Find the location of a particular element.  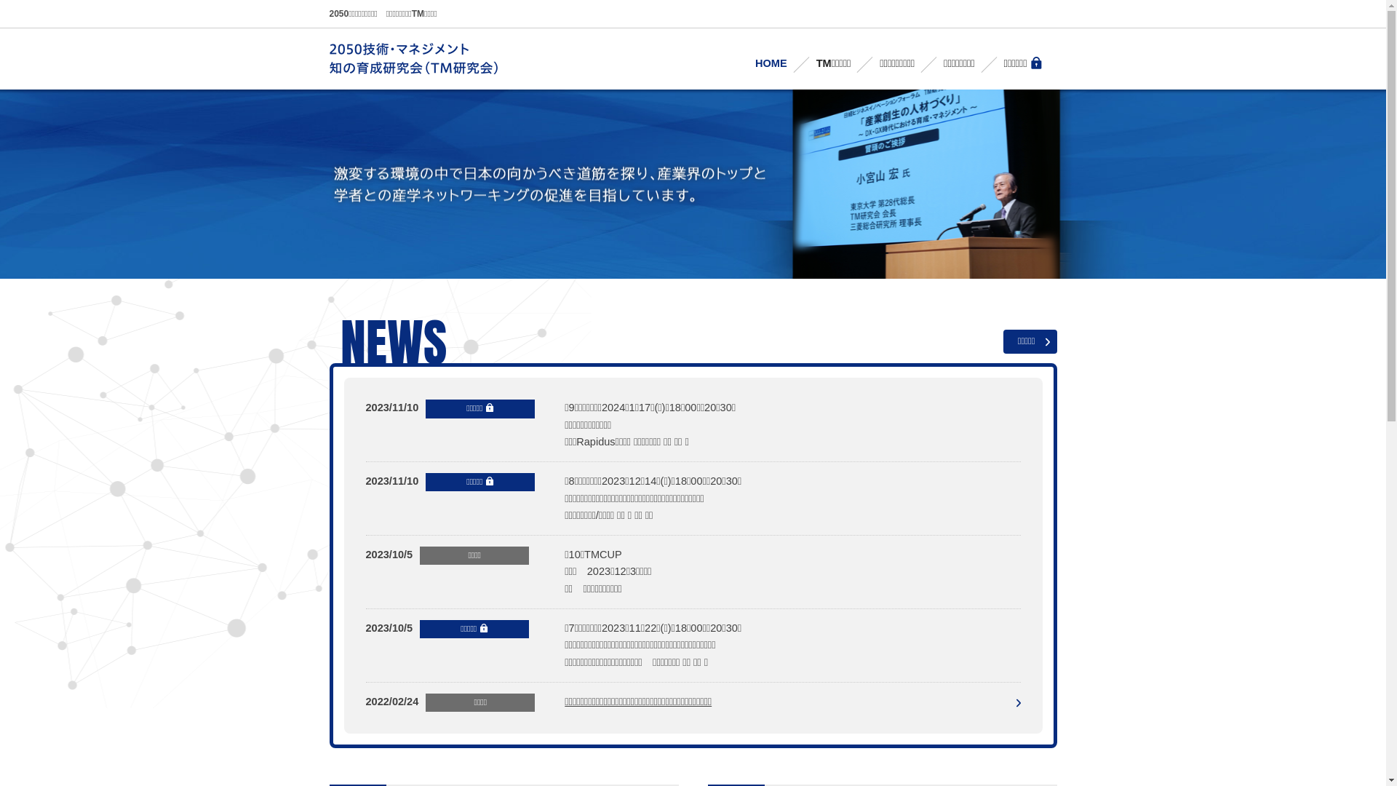

'HOME' is located at coordinates (771, 63).